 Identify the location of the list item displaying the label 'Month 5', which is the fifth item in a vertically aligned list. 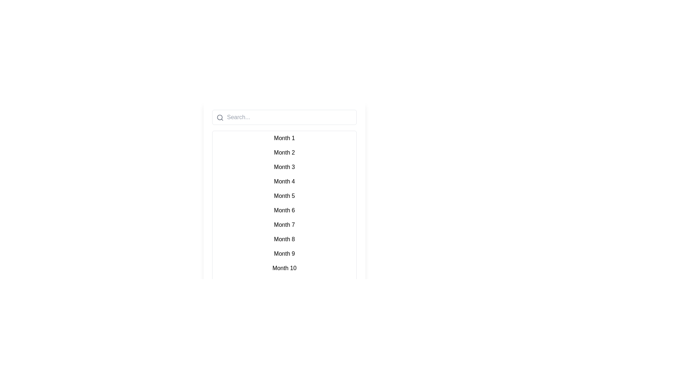
(284, 196).